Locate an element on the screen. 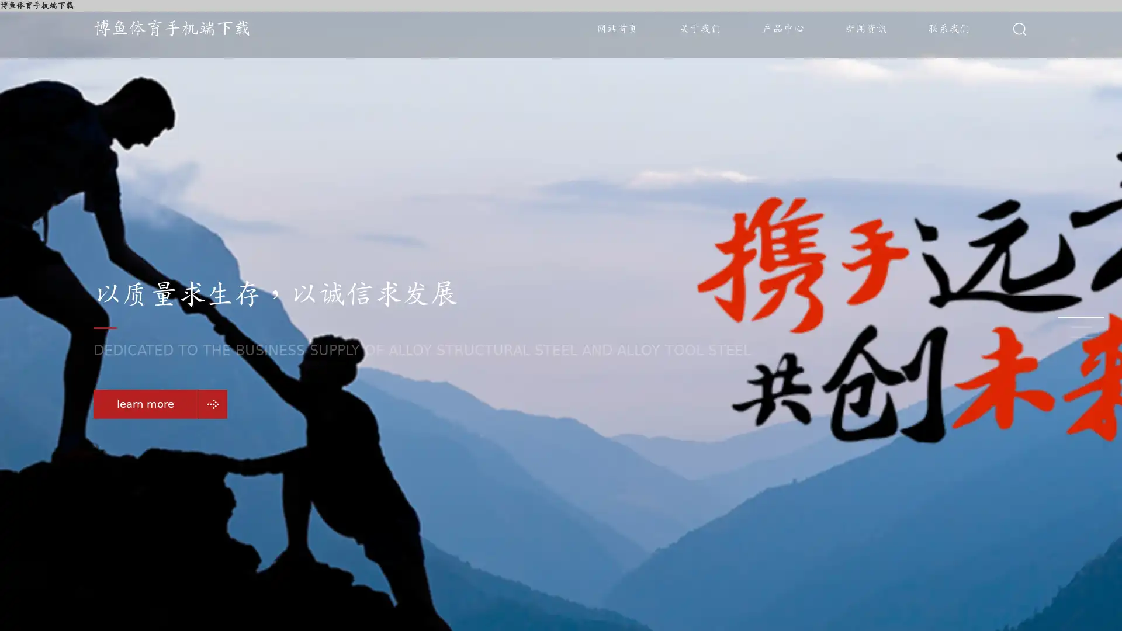  Go to slide 3 is located at coordinates (1080, 337).